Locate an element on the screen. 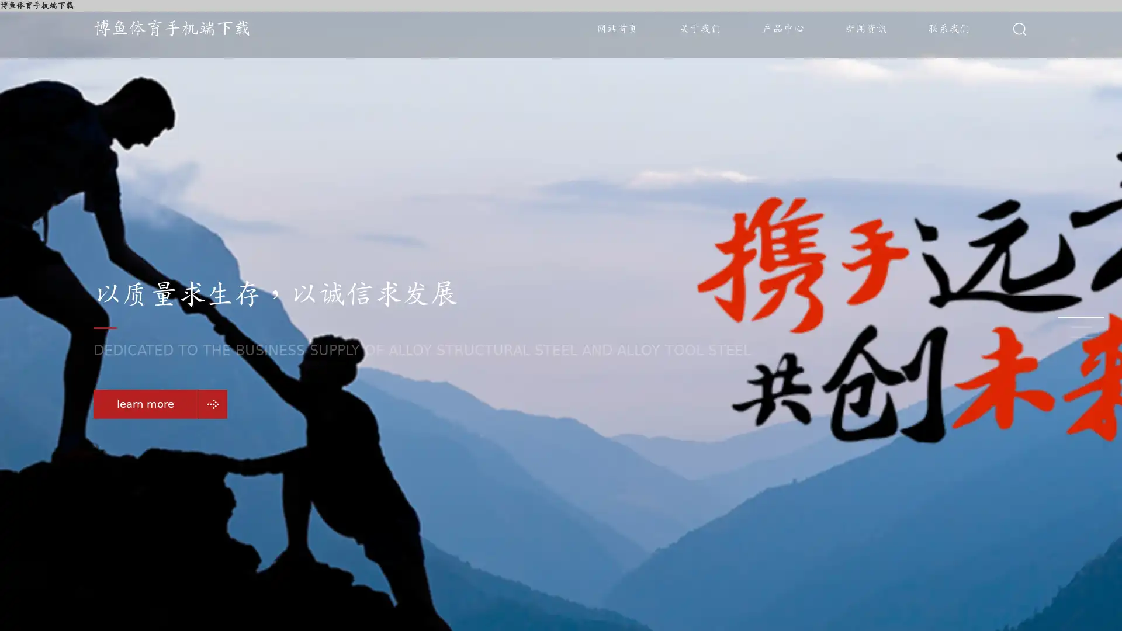  Go to slide 3 is located at coordinates (1080, 337).